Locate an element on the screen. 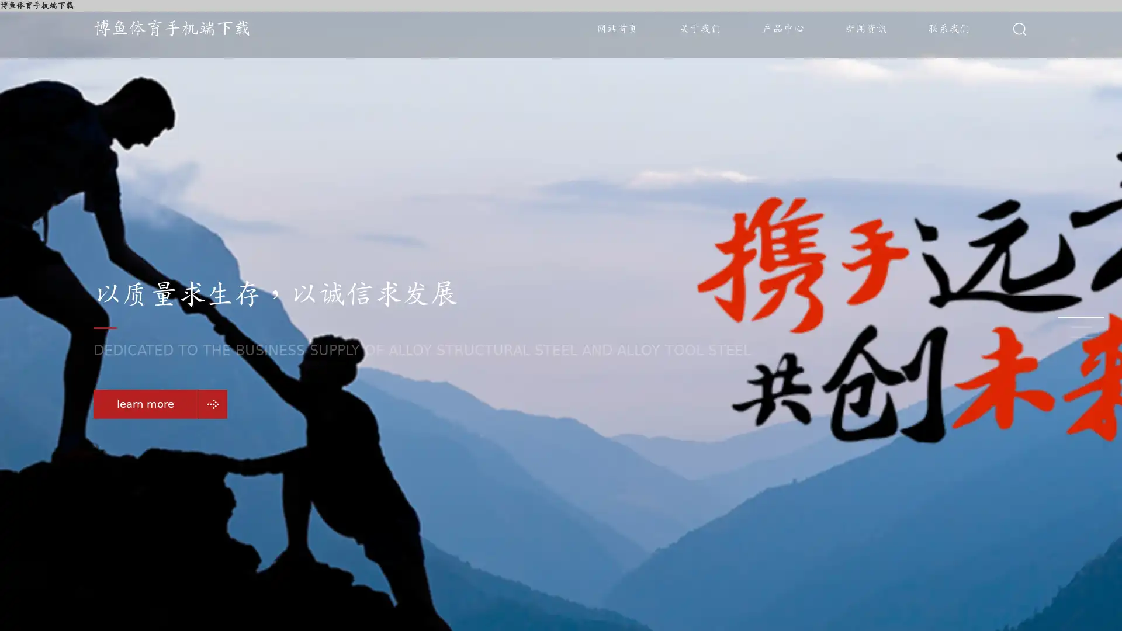  Go to slide 3 is located at coordinates (1080, 337).